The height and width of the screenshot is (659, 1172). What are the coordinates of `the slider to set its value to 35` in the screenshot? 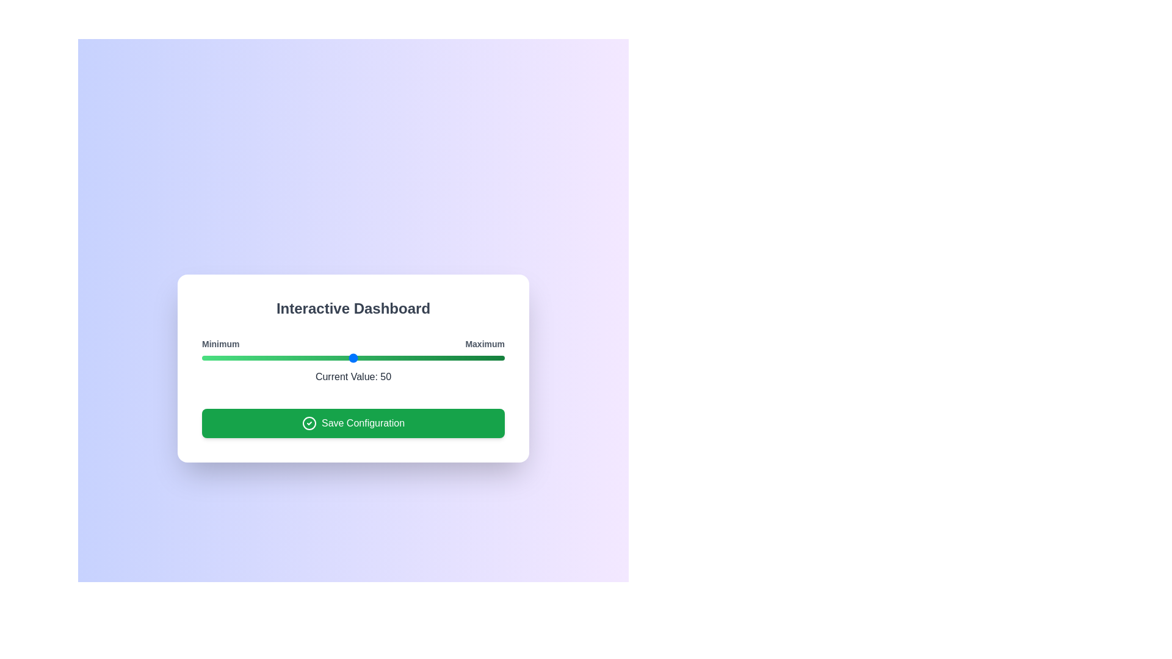 It's located at (308, 357).